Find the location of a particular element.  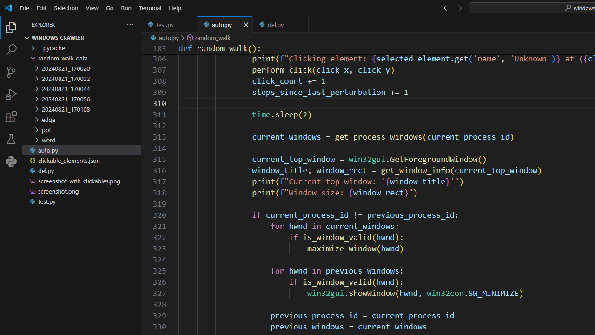

'Go' is located at coordinates (110, 7).